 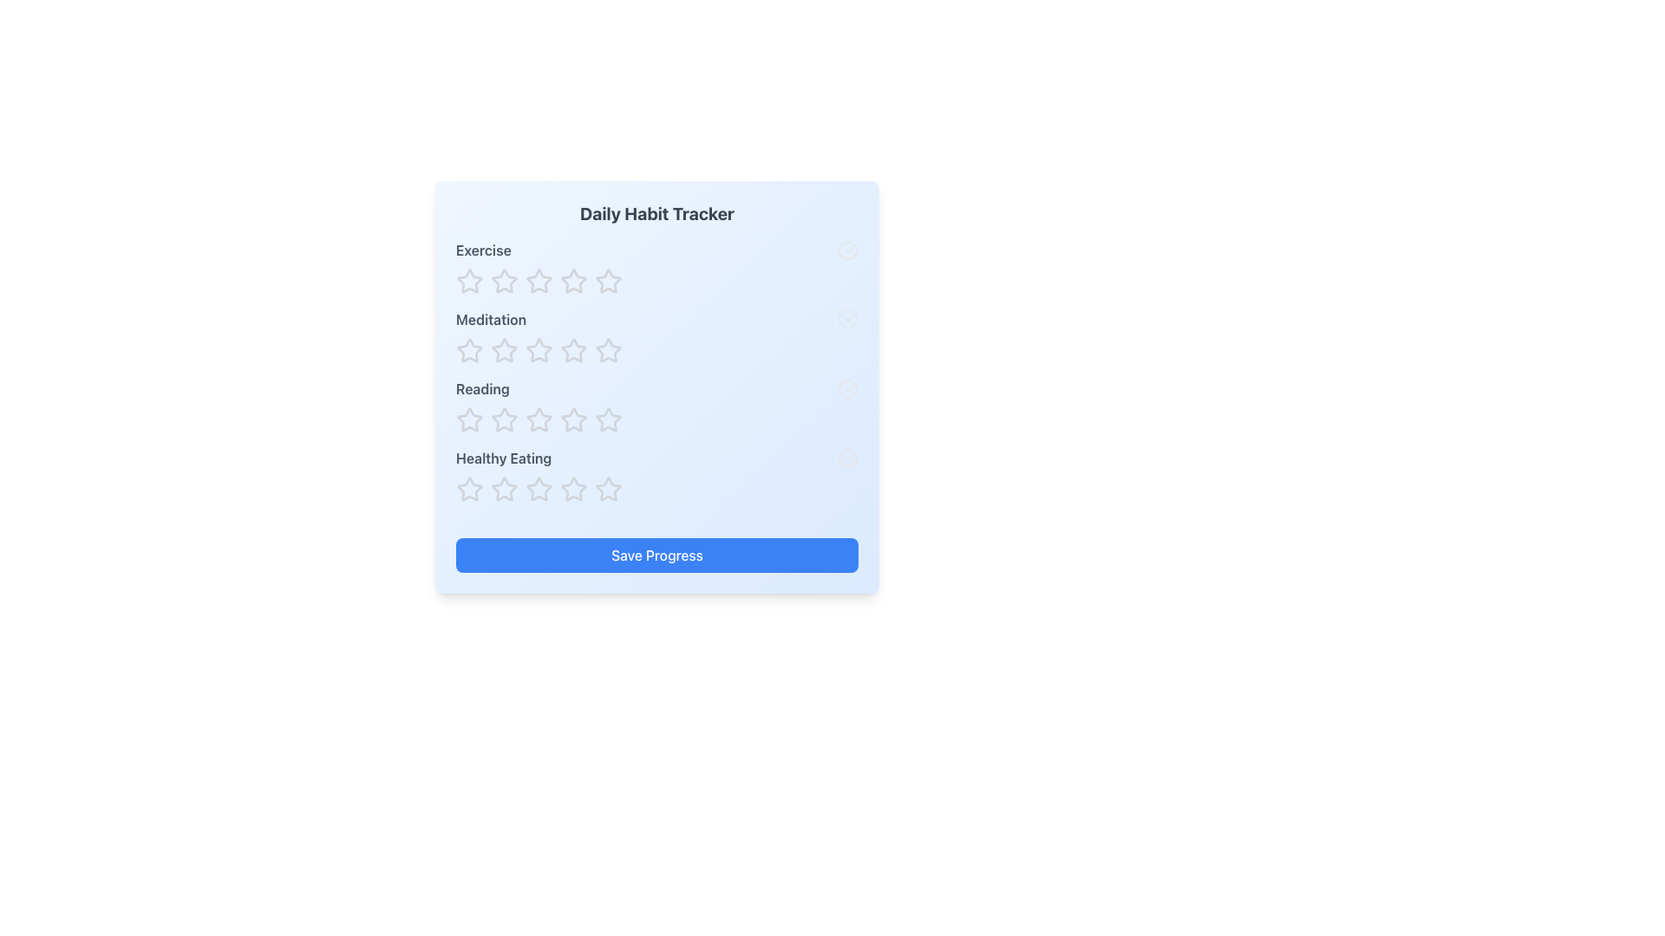 I want to click on the third star-shaped interactive button in the 'Healthy Eating' section, which is styled with a light gray border and scales slightly on hover, so click(x=503, y=489).